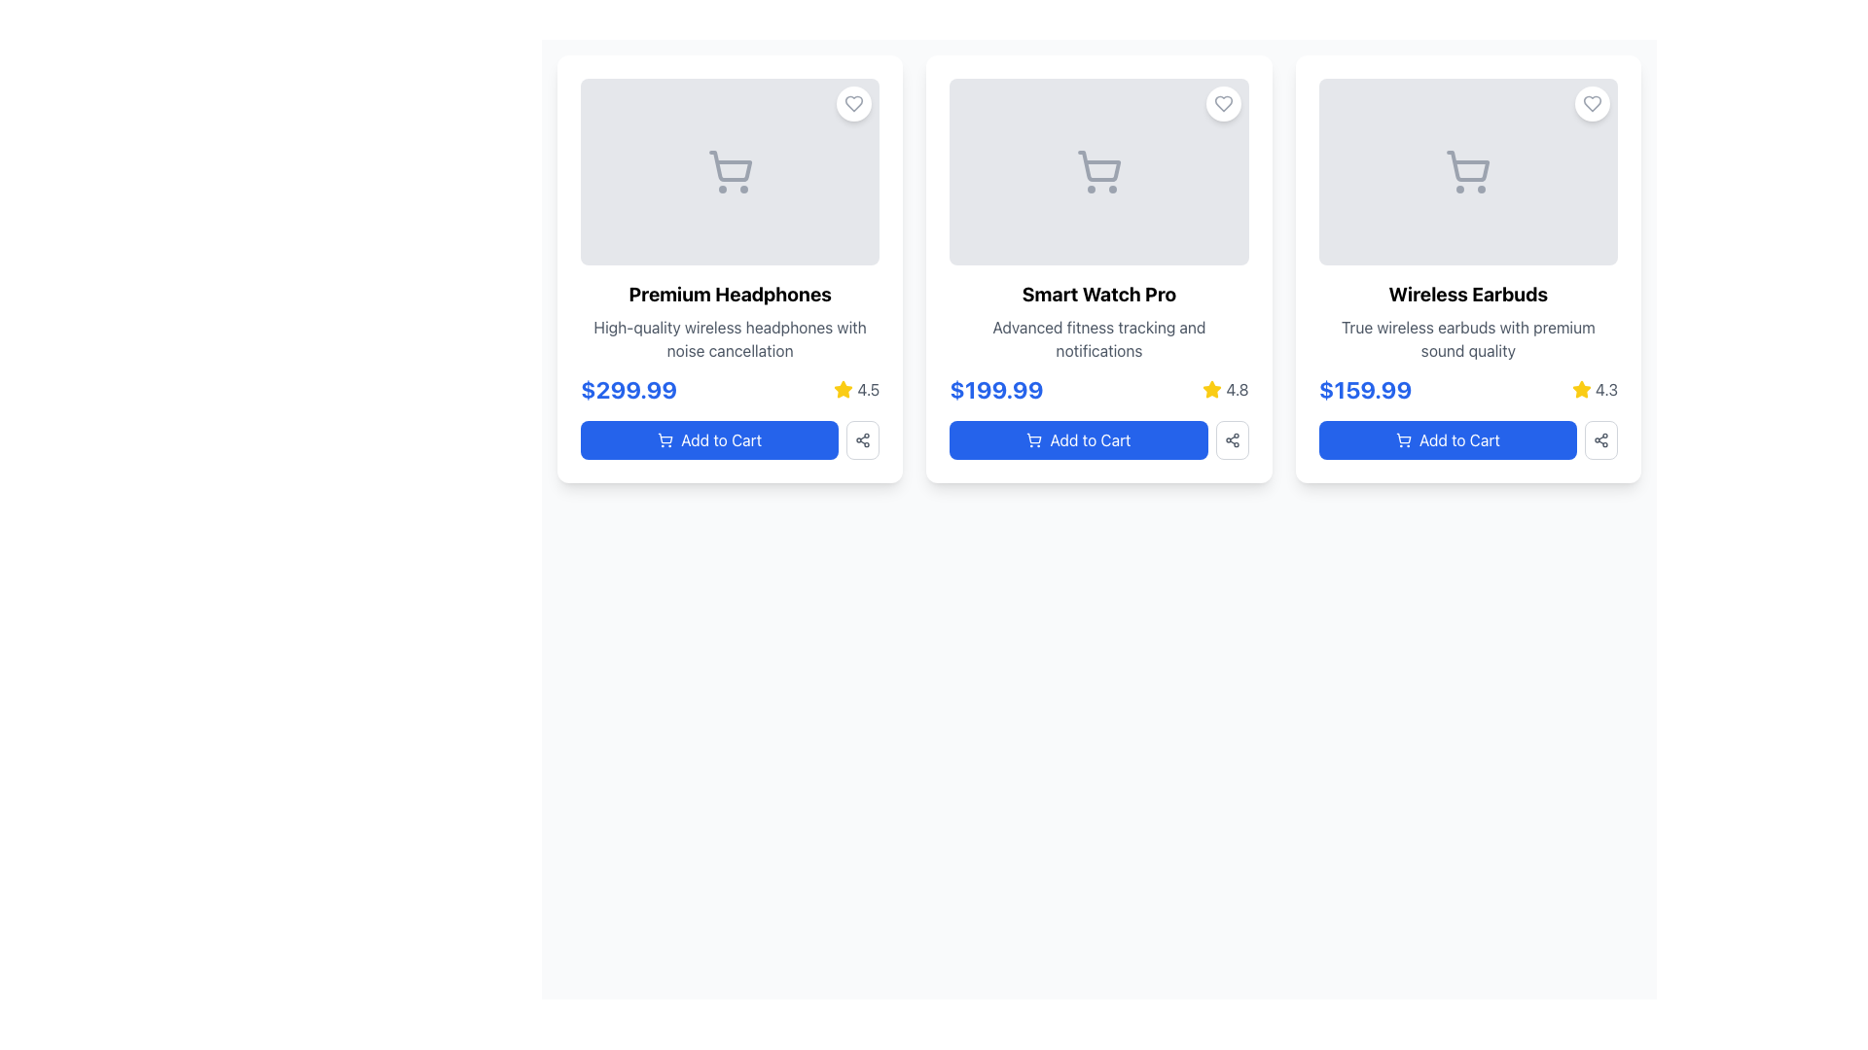 The height and width of the screenshot is (1050, 1868). I want to click on the shopping cart icon located in the 'Premium Headphones' product card, positioned near the top-left of the card, above the product name and price, so click(729, 171).